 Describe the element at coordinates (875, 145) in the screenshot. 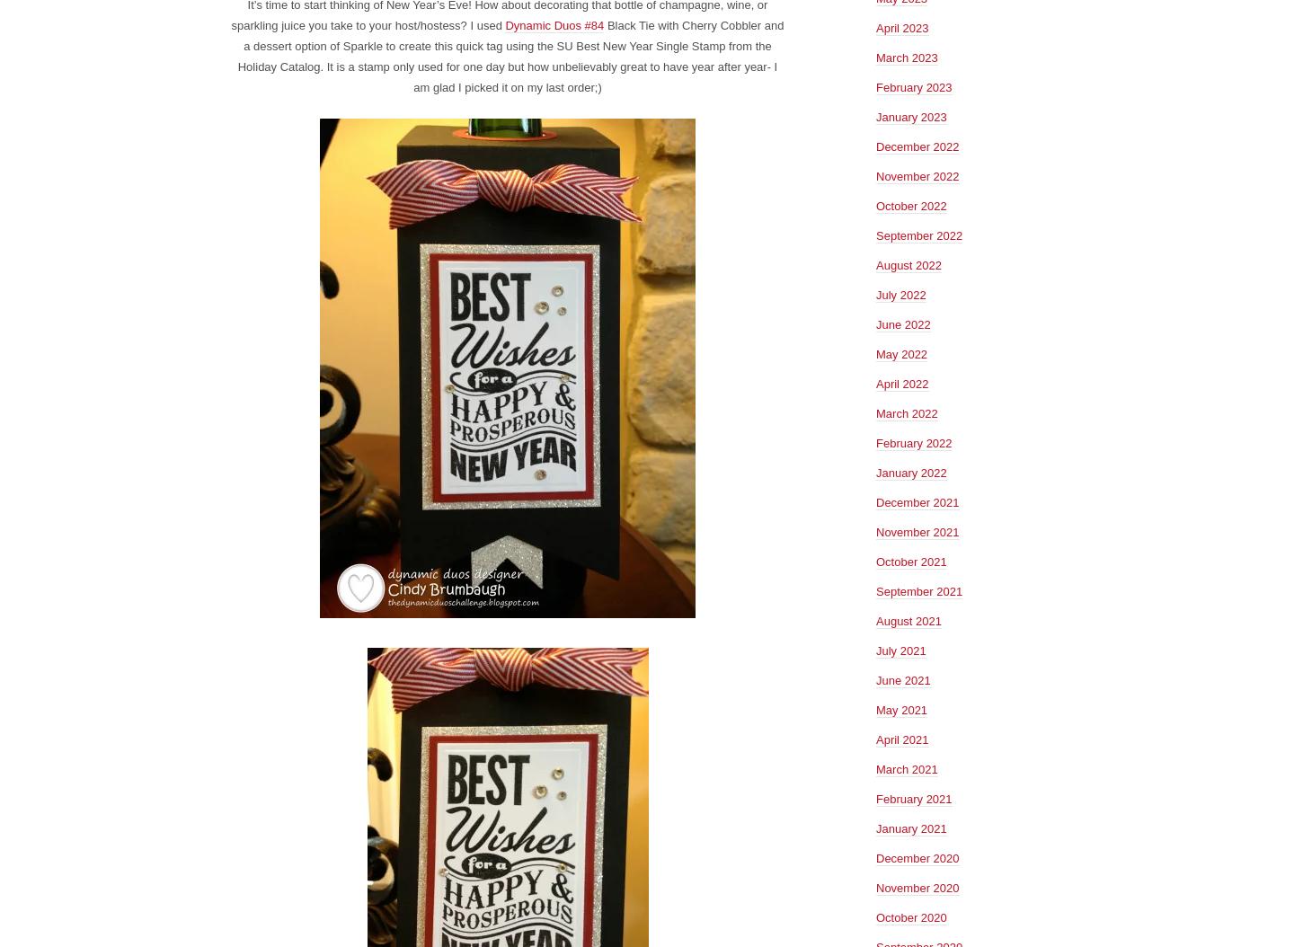

I see `'December 2022'` at that location.